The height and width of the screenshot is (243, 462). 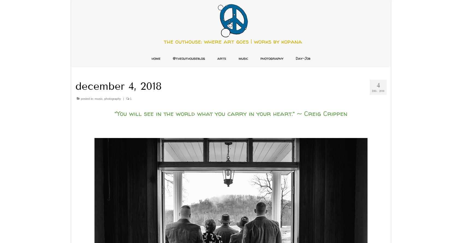 I want to click on '|', so click(x=123, y=99).